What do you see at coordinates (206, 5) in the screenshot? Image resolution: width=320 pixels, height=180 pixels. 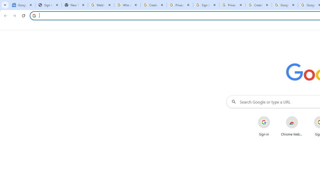 I see `'Sign in - Google Accounts'` at bounding box center [206, 5].